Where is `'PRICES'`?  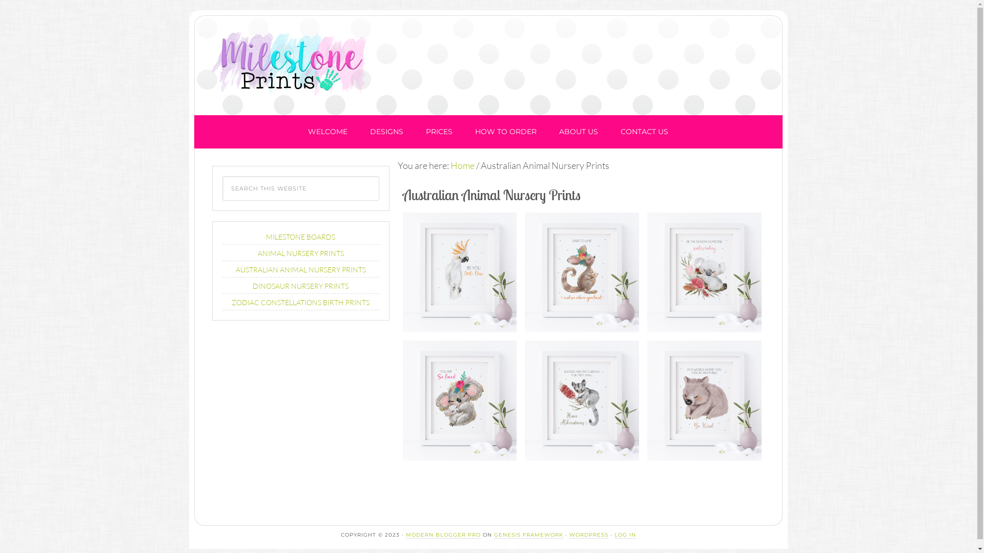
'PRICES' is located at coordinates (439, 131).